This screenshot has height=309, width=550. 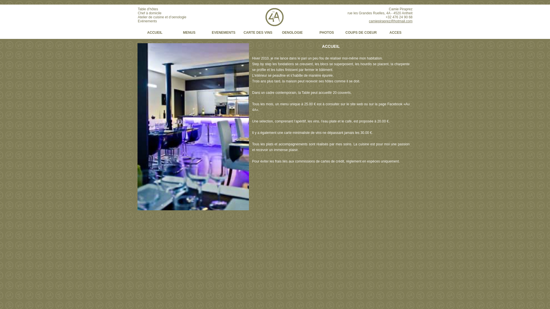 I want to click on 'camiepiraprez@hotmail.com', so click(x=390, y=21).